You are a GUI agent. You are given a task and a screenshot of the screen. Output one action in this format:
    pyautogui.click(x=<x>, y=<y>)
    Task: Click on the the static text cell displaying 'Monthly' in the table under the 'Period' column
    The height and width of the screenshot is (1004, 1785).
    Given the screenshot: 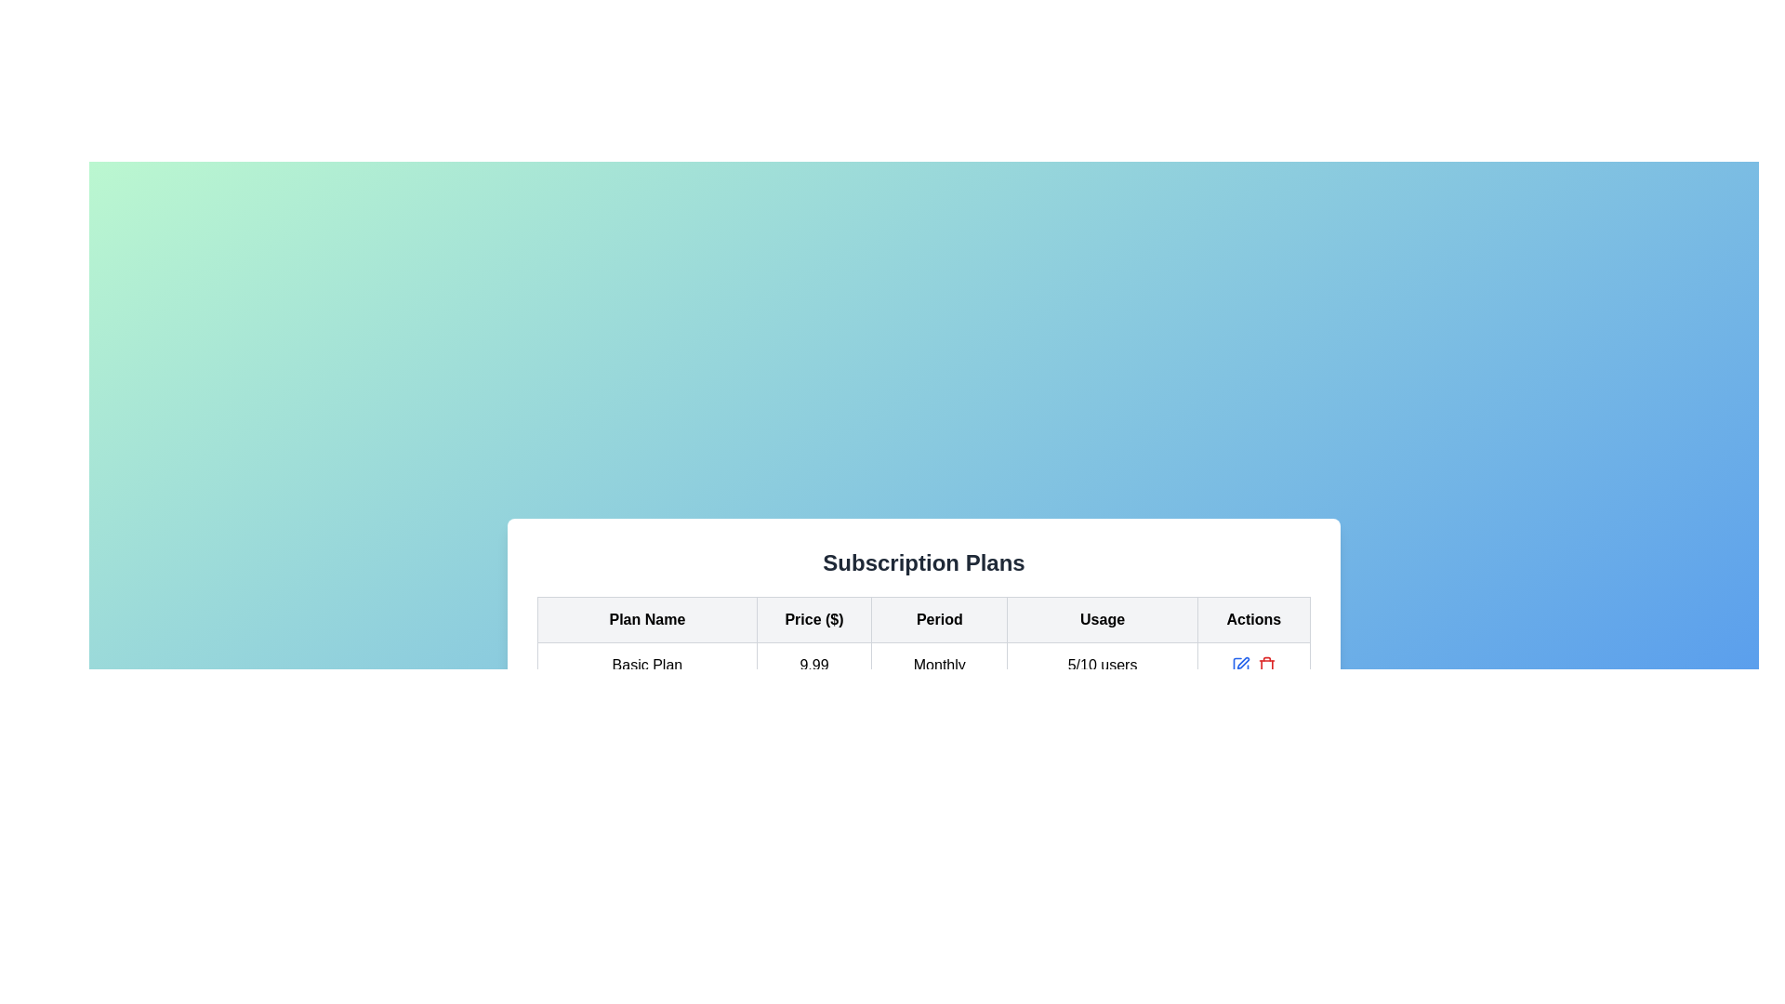 What is the action you would take?
    pyautogui.click(x=939, y=664)
    